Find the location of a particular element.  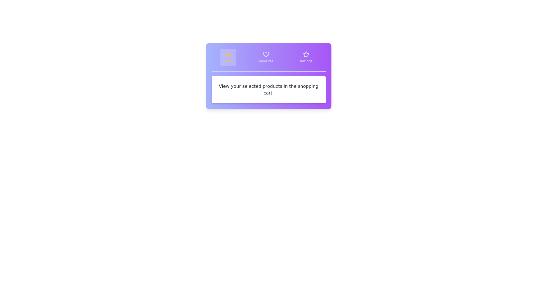

label text that is associated with the shopping cart icon, located centrally at the bottom of the button structure is located at coordinates (228, 61).